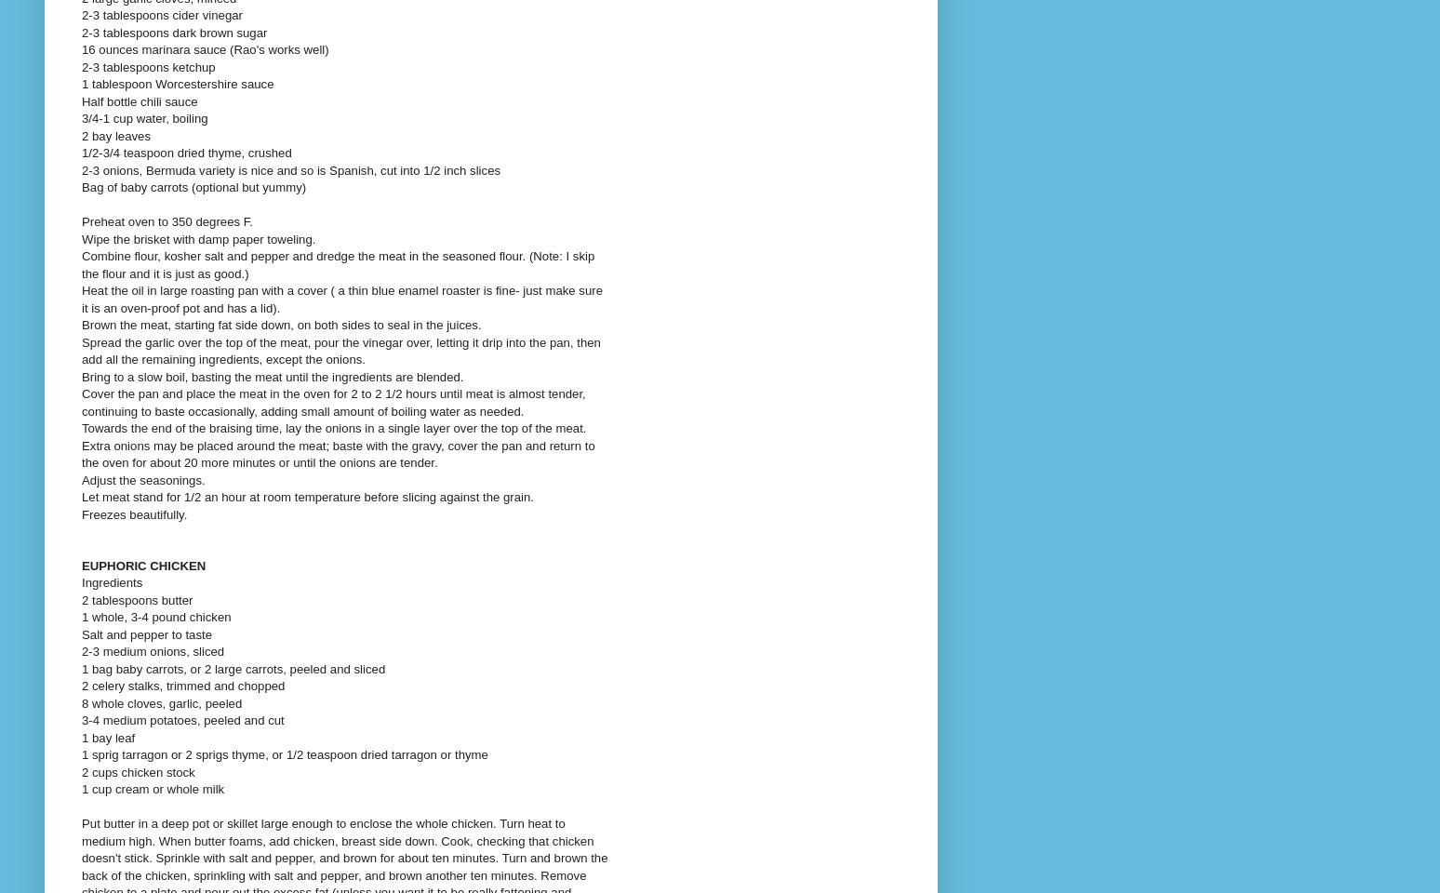  Describe the element at coordinates (140, 100) in the screenshot. I see `'Half bottle chili sauce'` at that location.